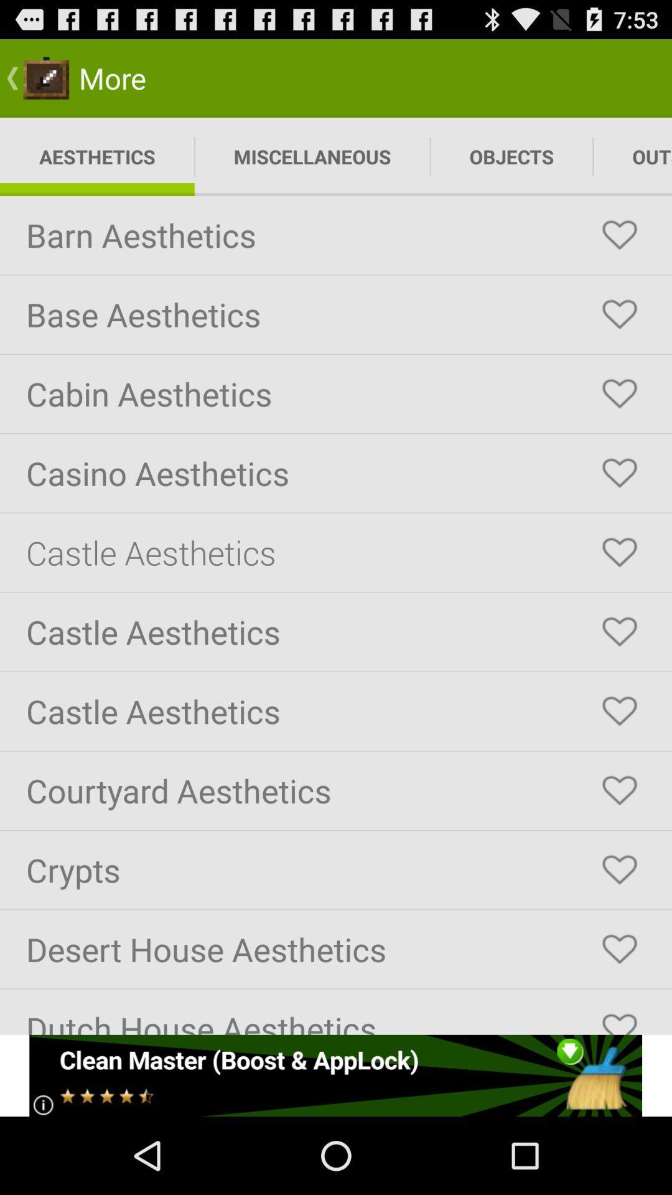  Describe the element at coordinates (619, 473) in the screenshot. I see `the button right to the casino aesthetics` at that location.